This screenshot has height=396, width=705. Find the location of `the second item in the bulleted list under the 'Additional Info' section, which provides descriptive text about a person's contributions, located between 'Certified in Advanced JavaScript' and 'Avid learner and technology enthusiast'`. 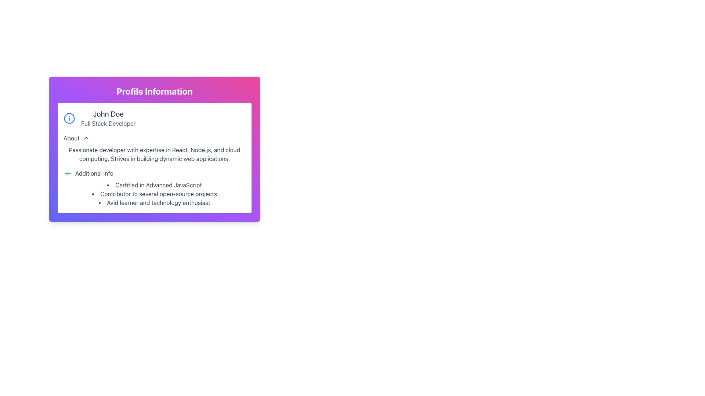

the second item in the bulleted list under the 'Additional Info' section, which provides descriptive text about a person's contributions, located between 'Certified in Advanced JavaScript' and 'Avid learner and technology enthusiast' is located at coordinates (154, 193).